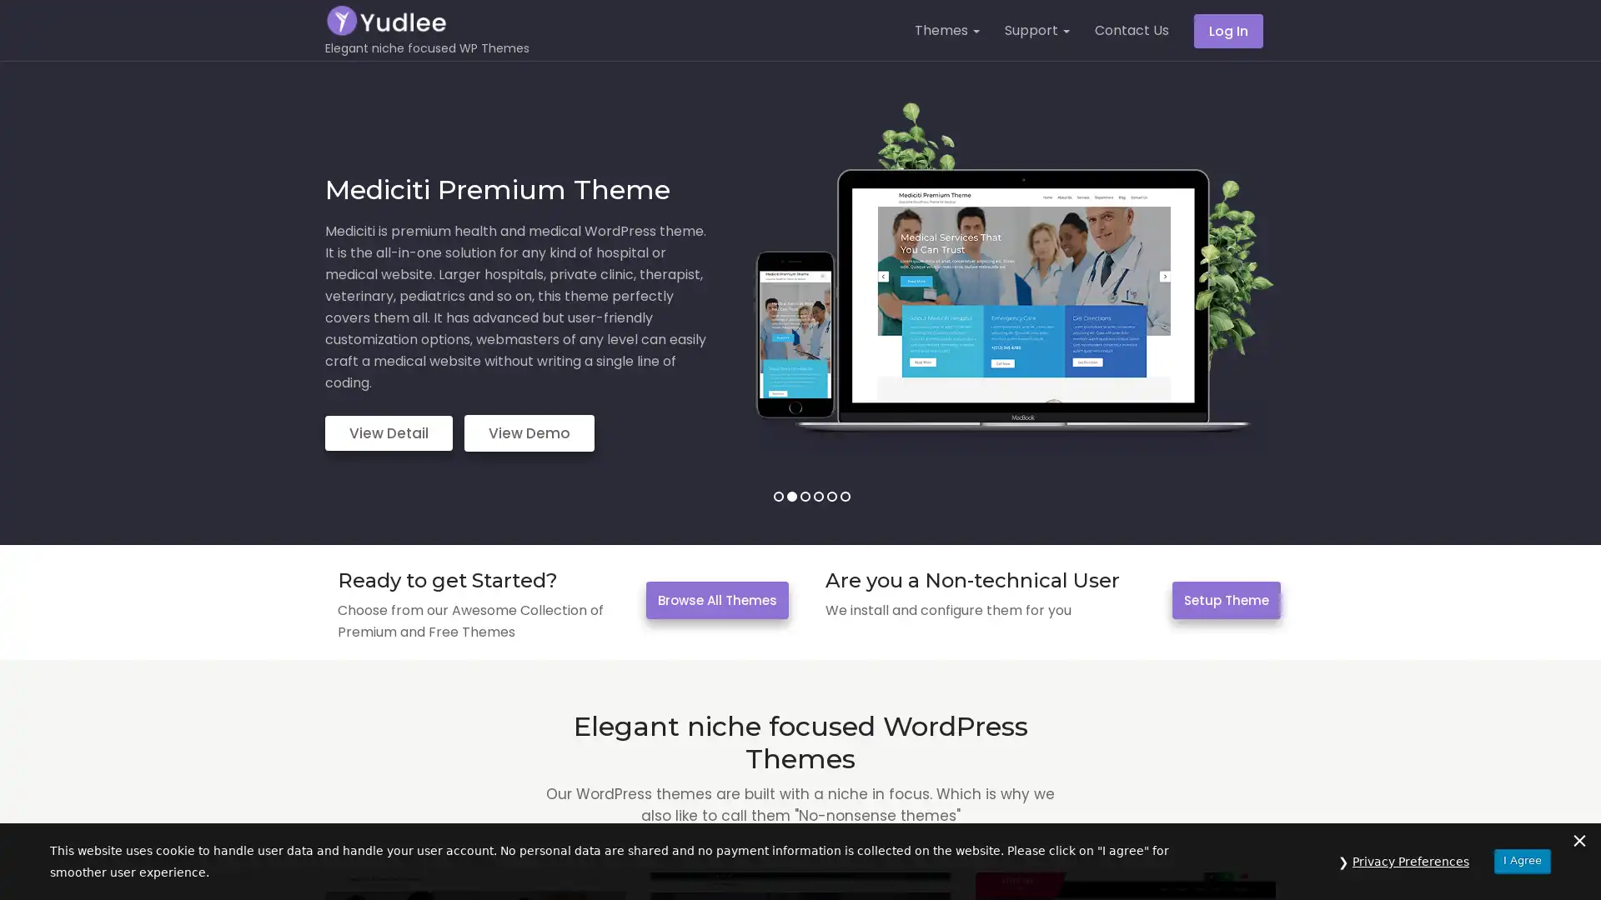 This screenshot has height=900, width=1601. Describe the element at coordinates (1410, 861) in the screenshot. I see `Privacy Preferences` at that location.